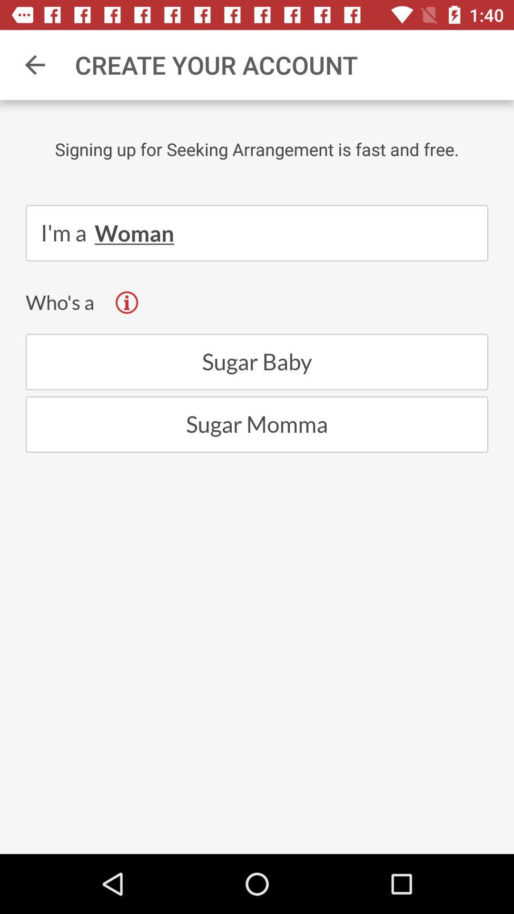  What do you see at coordinates (34, 64) in the screenshot?
I see `the item above the signing up for` at bounding box center [34, 64].